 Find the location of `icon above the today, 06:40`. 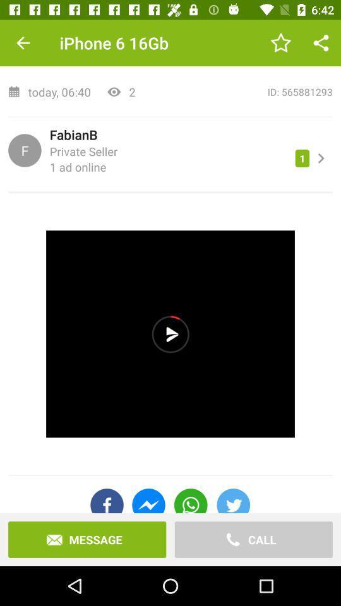

icon above the today, 06:40 is located at coordinates (170, 44).